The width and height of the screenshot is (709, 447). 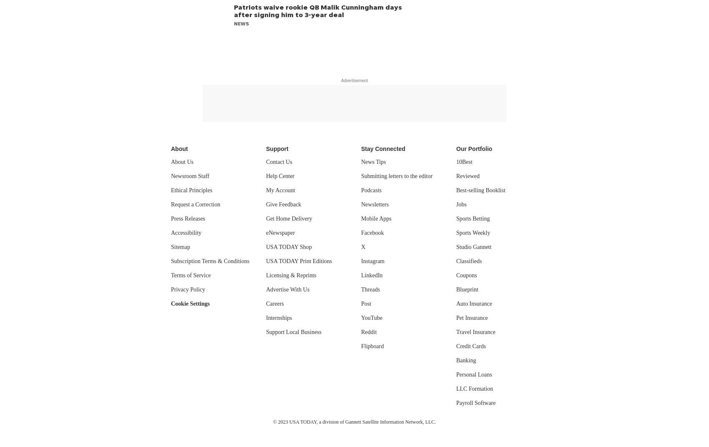 What do you see at coordinates (371, 190) in the screenshot?
I see `'Podcasts'` at bounding box center [371, 190].